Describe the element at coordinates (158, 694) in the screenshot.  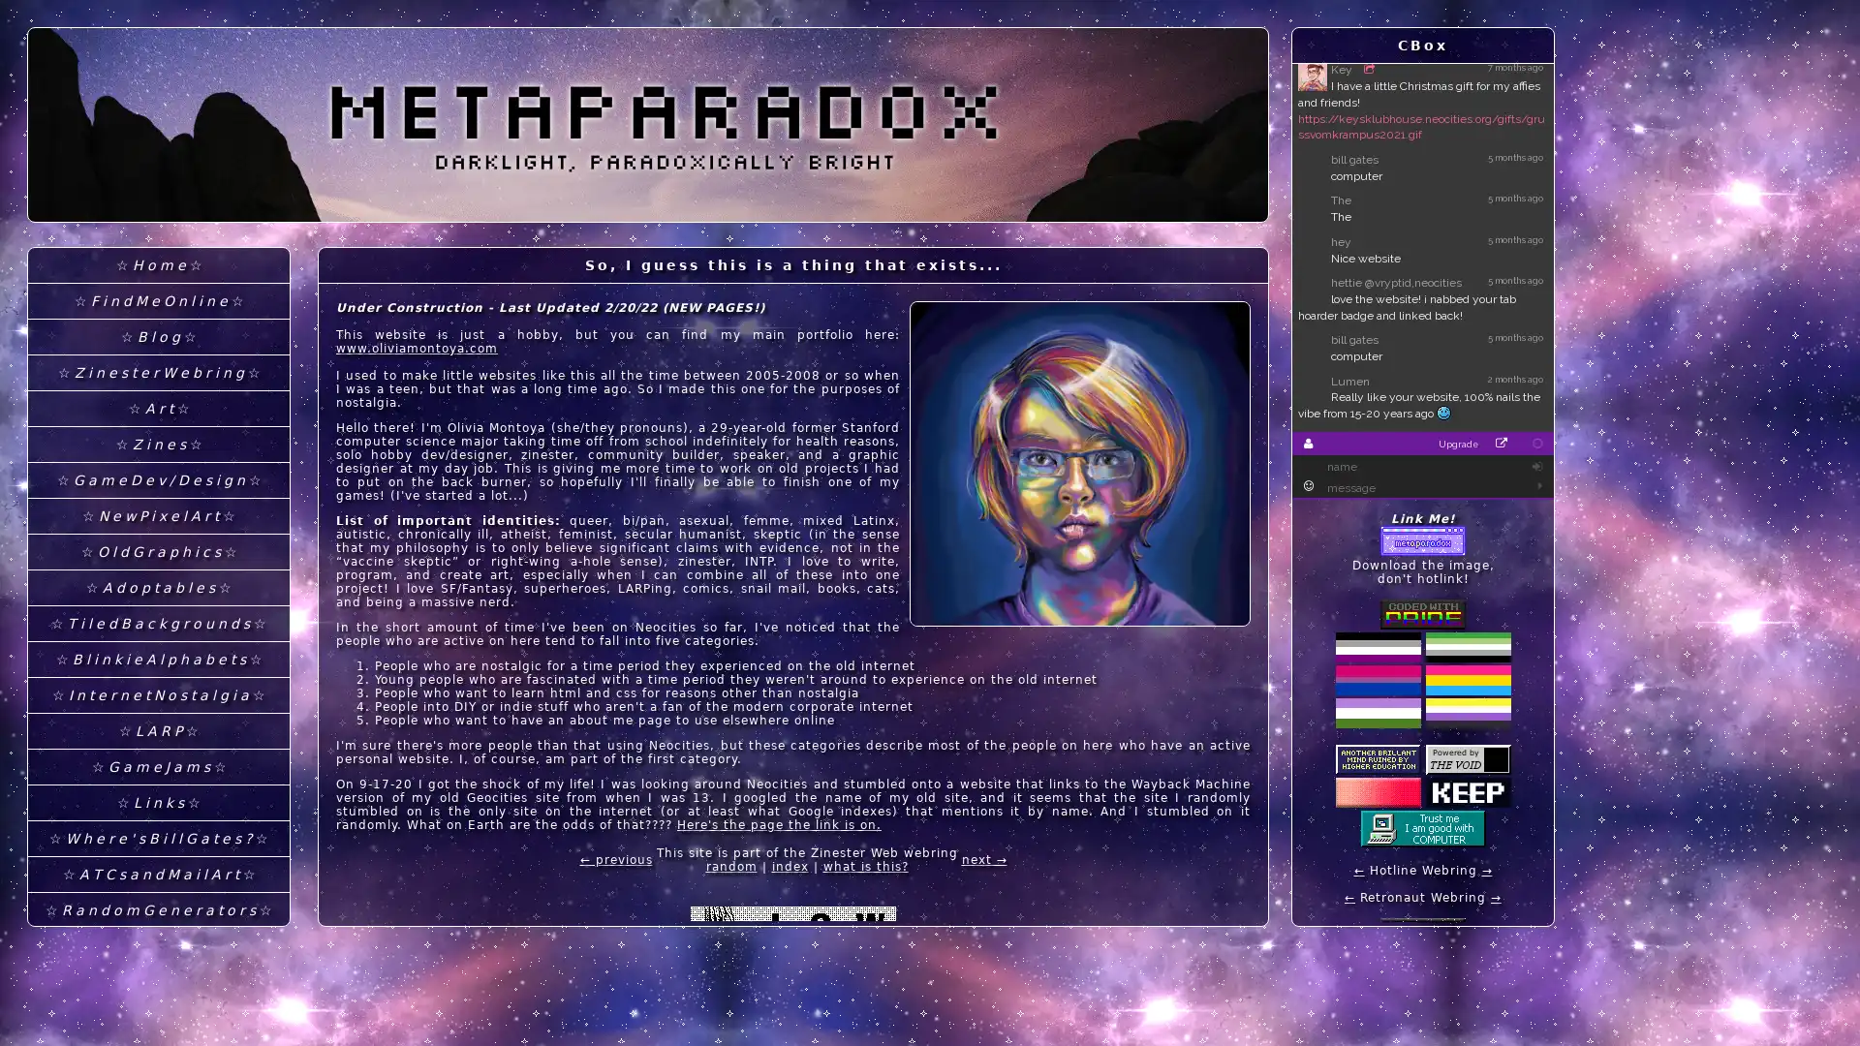
I see `I n t e r n e t N o s t a l g i a` at that location.